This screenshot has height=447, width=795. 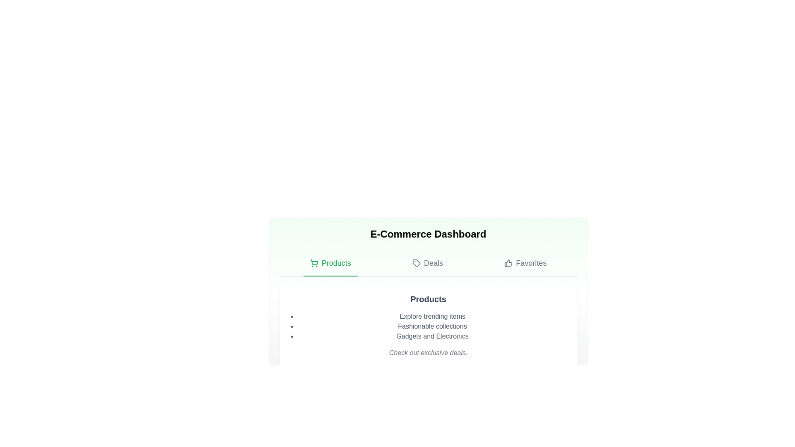 I want to click on the static text label displaying 'Fashionable collections', which is positioned centrally in the products section of the interface, between 'Explore trending items' and 'Gadgets and Electronics', so click(x=432, y=326).